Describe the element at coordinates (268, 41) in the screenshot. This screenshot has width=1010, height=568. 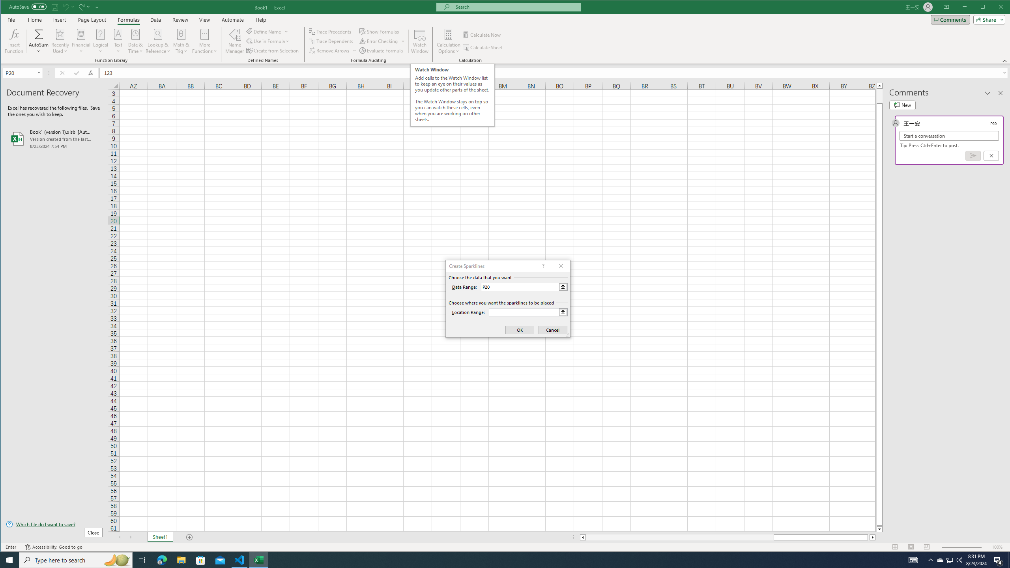
I see `'Use in Formula'` at that location.